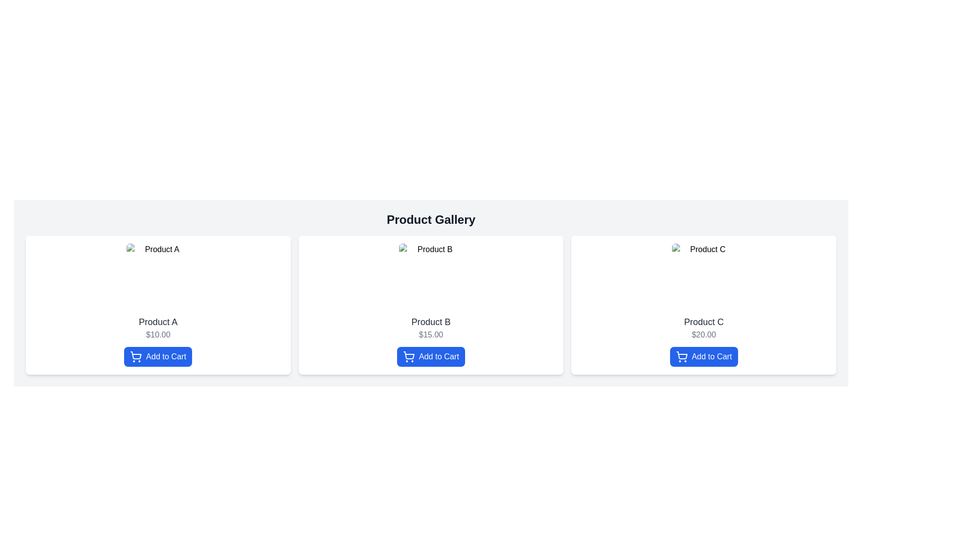 The width and height of the screenshot is (953, 536). What do you see at coordinates (409, 356) in the screenshot?
I see `the information by clicking on the Add to Cart icon located in the Product B section of the Product Gallery` at bounding box center [409, 356].